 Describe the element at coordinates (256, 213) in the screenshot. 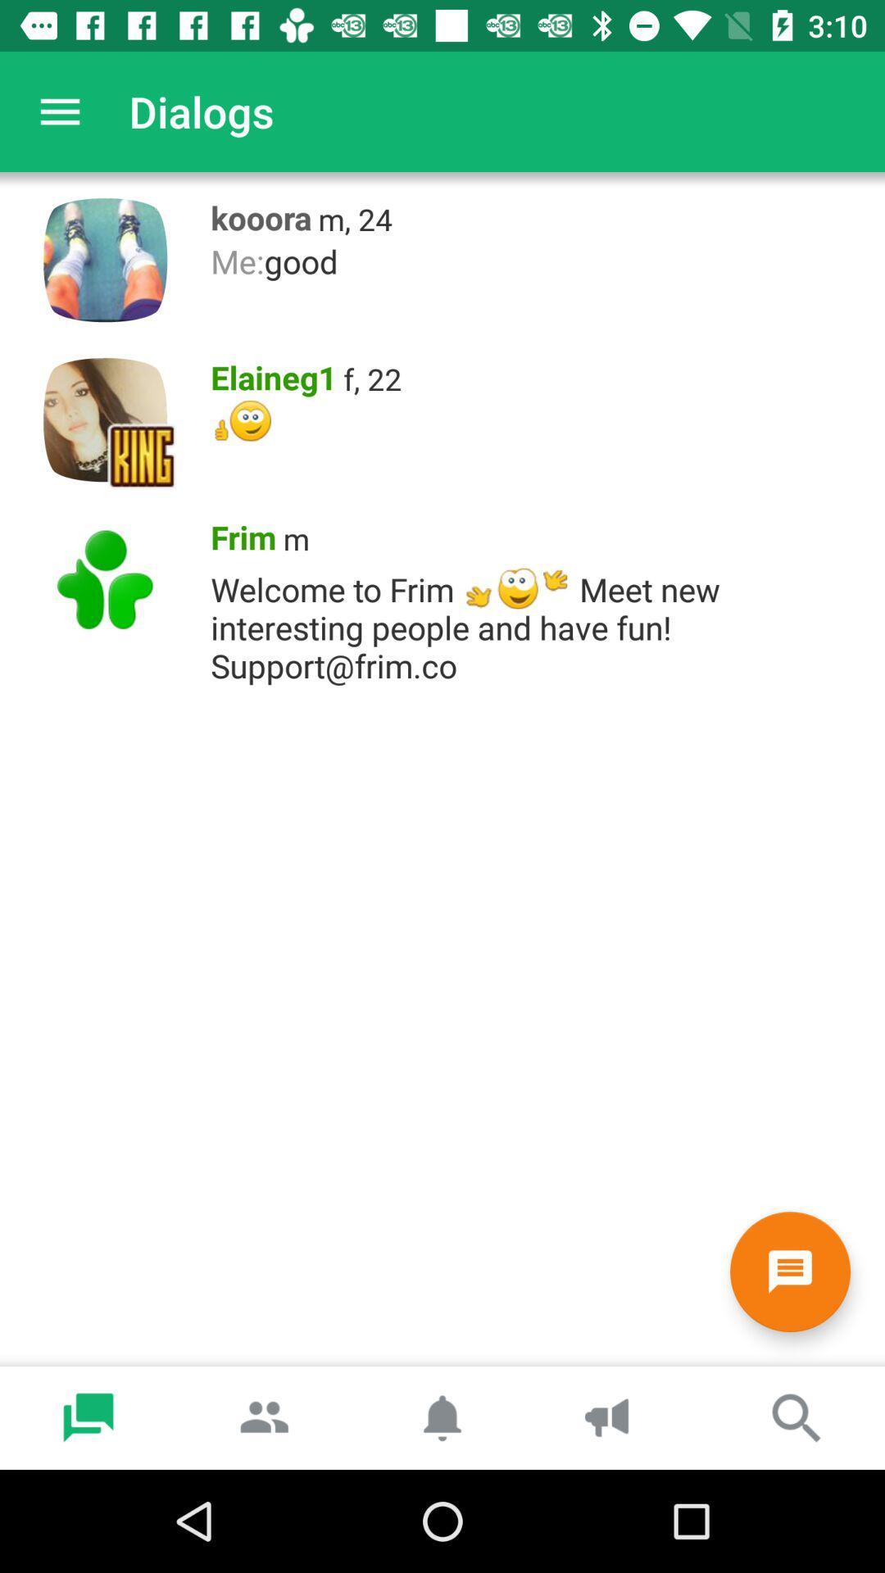

I see `kooora icon` at that location.